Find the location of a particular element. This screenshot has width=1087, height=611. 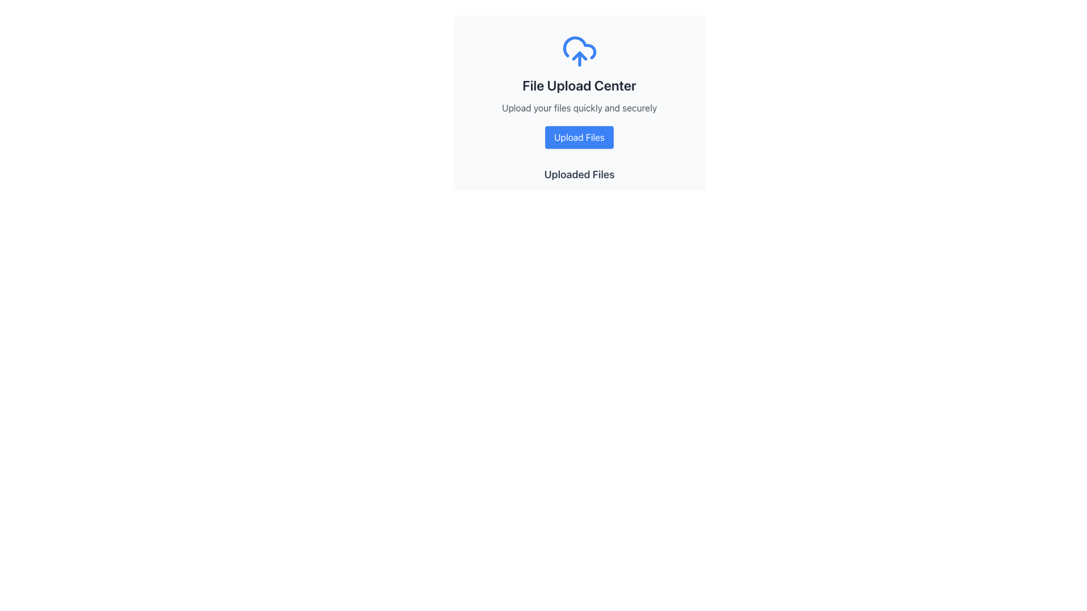

the text label that reads 'Upload your files quickly and securely', which is located beneath the 'File Upload Center' title and above the 'Upload Files' button is located at coordinates (579, 108).